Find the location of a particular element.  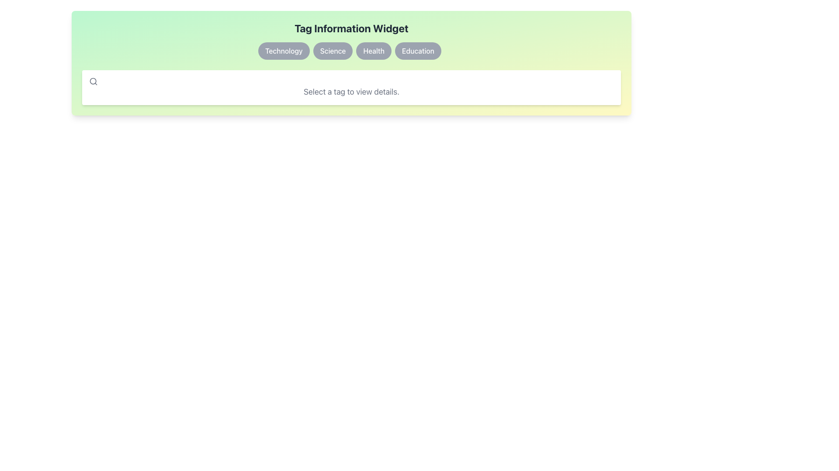

the 'Health' button, which is the third button from the left in the horizontal group of buttons labeled 'Technology', 'Science', 'Health', and 'Education', located under the 'Tag Information Widget' is located at coordinates (374, 51).